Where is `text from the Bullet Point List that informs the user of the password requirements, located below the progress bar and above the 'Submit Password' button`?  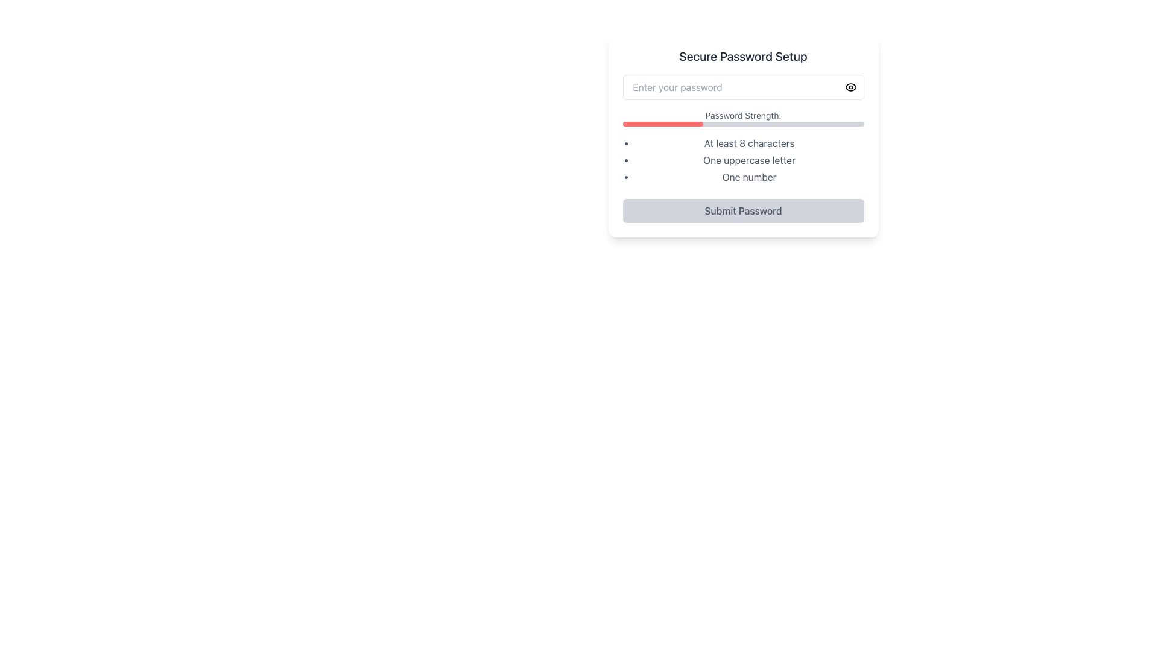
text from the Bullet Point List that informs the user of the password requirements, located below the progress bar and above the 'Submit Password' button is located at coordinates (742, 160).